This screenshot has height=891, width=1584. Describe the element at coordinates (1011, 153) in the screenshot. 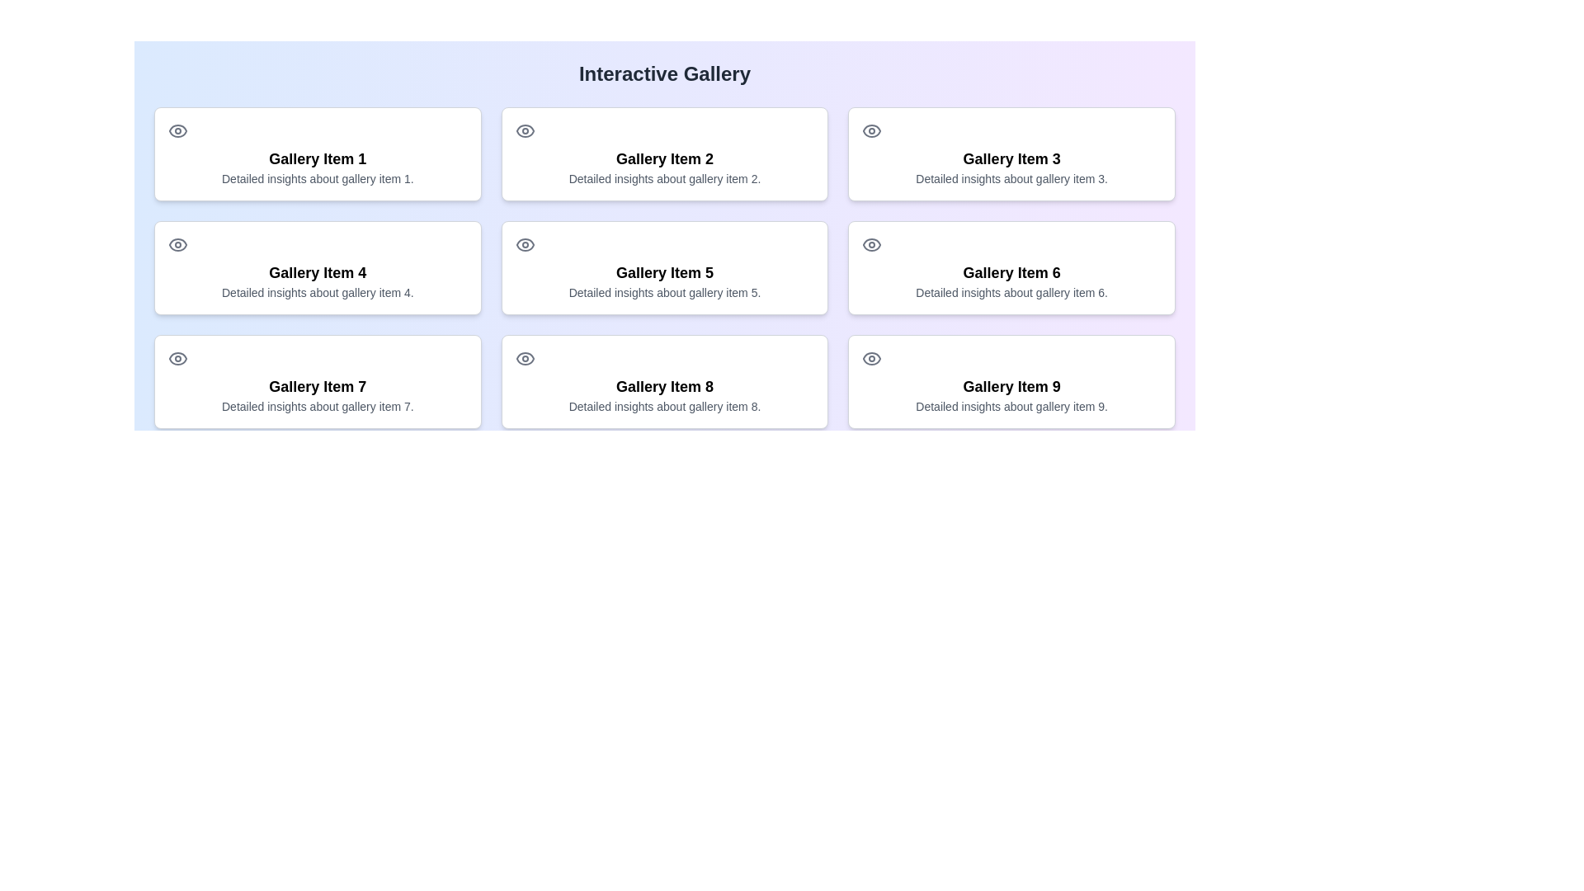

I see `the visual card for 'Gallery Item 3' which contains its title, description, and icon, located in the first row and third column of the grid` at that location.